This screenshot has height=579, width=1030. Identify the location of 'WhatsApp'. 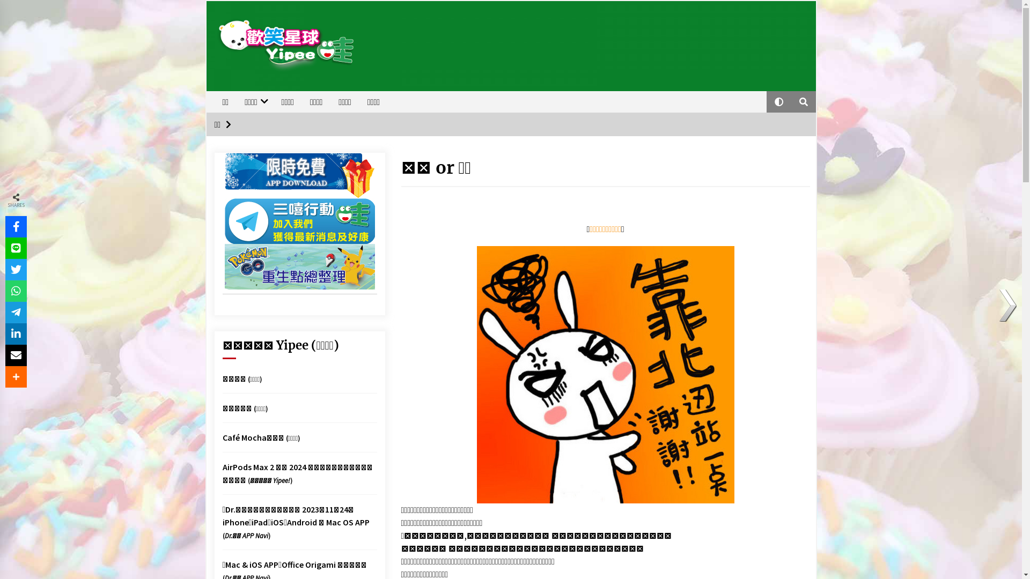
(16, 291).